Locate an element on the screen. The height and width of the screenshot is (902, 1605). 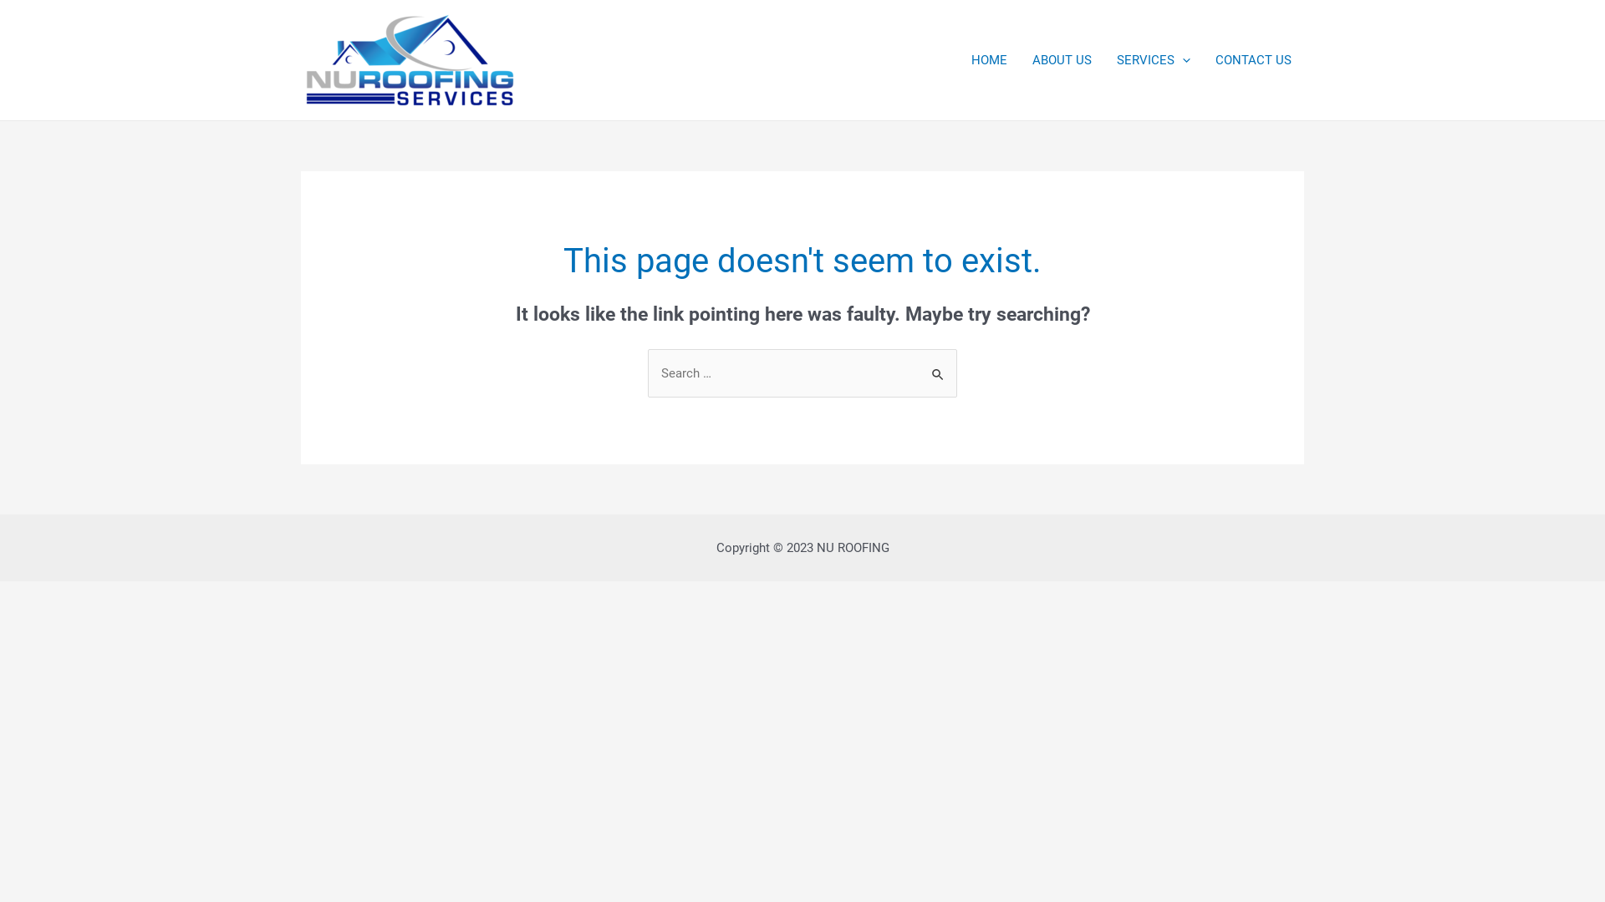
'CONTACT US' is located at coordinates (1202, 59).